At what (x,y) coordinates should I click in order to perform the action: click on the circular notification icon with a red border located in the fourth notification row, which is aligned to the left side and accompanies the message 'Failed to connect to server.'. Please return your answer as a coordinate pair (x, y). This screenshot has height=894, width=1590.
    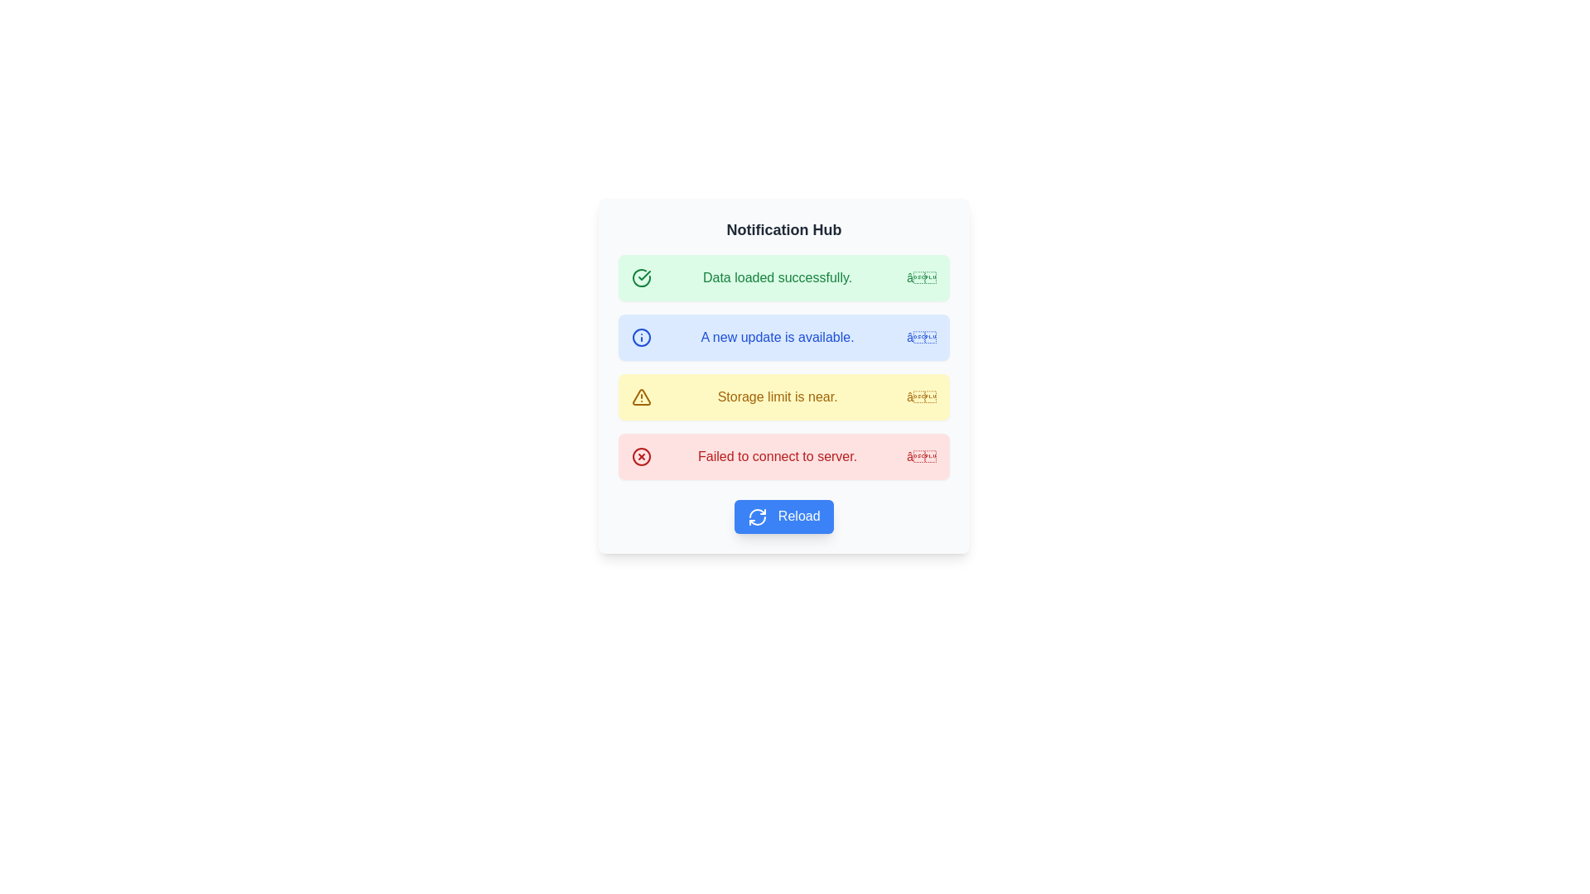
    Looking at the image, I should click on (640, 456).